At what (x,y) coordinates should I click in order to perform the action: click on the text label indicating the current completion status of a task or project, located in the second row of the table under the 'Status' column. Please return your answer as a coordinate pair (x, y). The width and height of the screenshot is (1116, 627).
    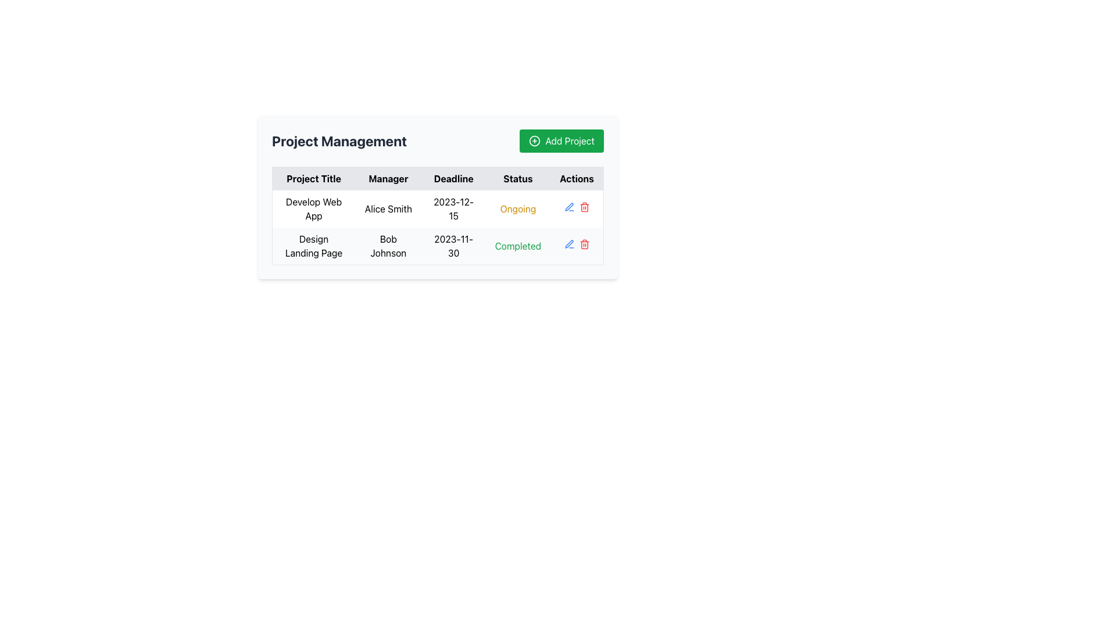
    Looking at the image, I should click on (517, 246).